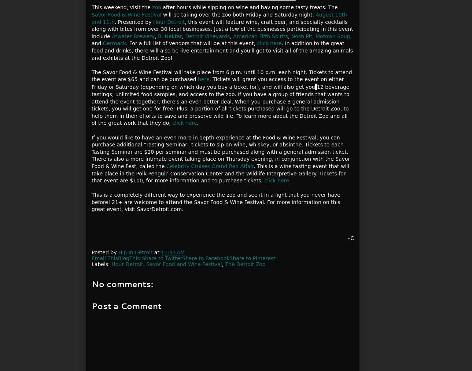  I want to click on 'The Detroit Zoo', so click(245, 264).